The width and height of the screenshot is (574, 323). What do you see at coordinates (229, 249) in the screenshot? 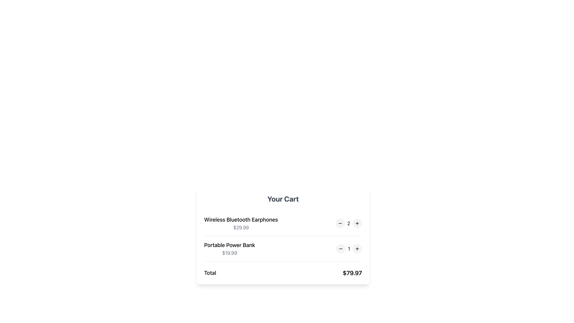
I see `the text display showing 'Portable Power Bank' and its price '$19.99' located in the second row of the product list under 'Your Cart'` at bounding box center [229, 249].